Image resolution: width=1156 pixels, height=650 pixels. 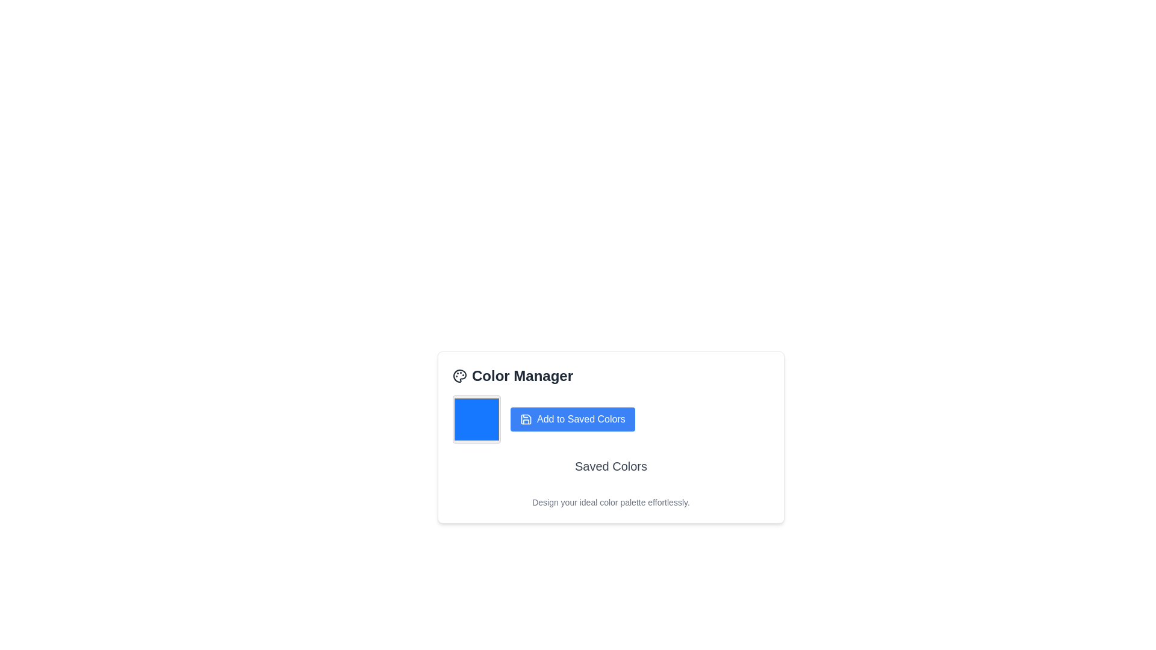 What do you see at coordinates (611, 502) in the screenshot?
I see `the descriptive text located at the bottom of the 'Color Manager' card, which informs users about the feature's purpose` at bounding box center [611, 502].